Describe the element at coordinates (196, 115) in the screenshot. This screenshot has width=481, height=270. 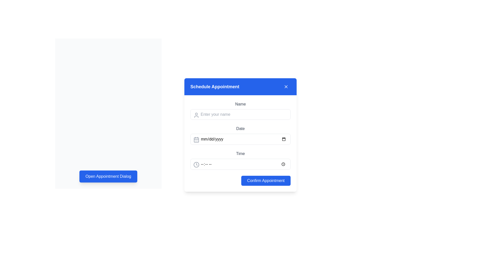
I see `the input field containing the user icon` at that location.